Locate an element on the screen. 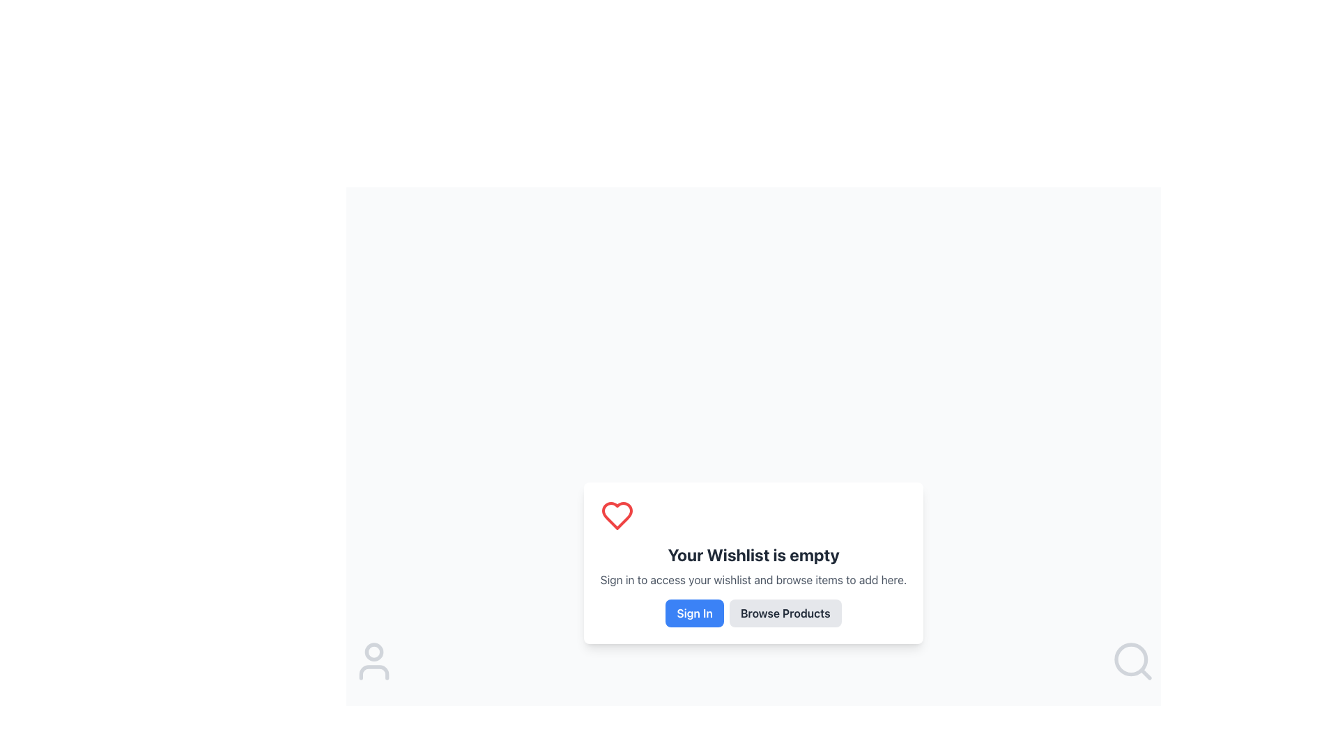  the instructional text encouraging users to sign in and manage their wishlist, located below the heading 'Your Wishlist is empty' and above the buttons 'Sign In' and 'Browse Products' is located at coordinates (753, 580).